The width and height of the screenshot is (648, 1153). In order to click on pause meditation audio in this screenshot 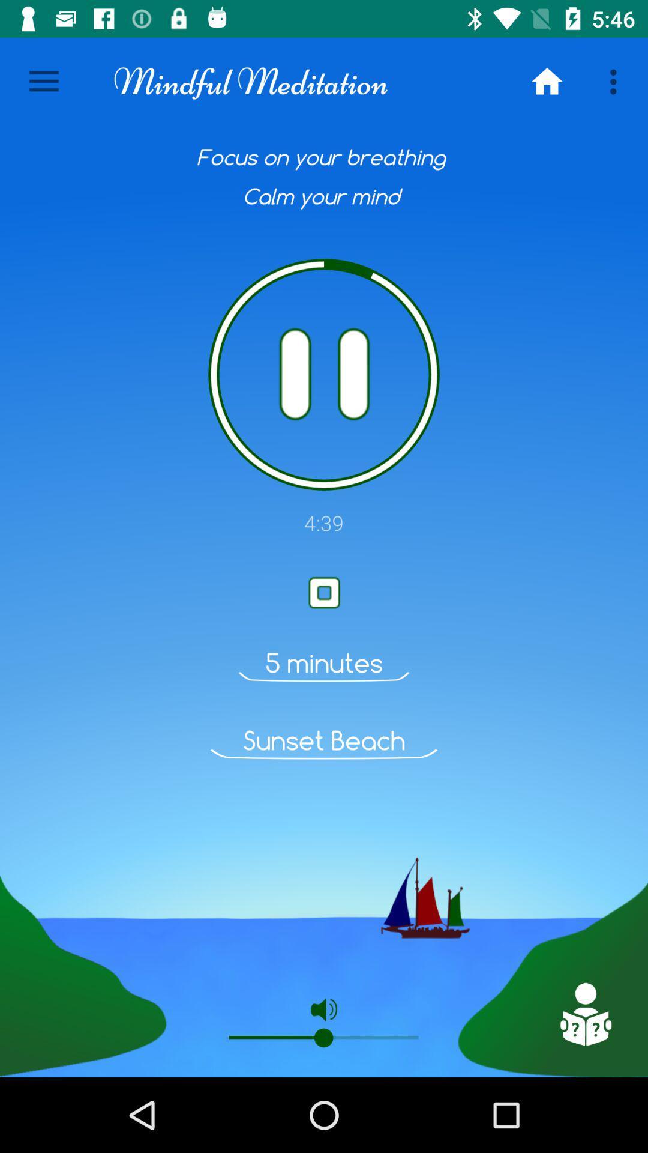, I will do `click(324, 374)`.